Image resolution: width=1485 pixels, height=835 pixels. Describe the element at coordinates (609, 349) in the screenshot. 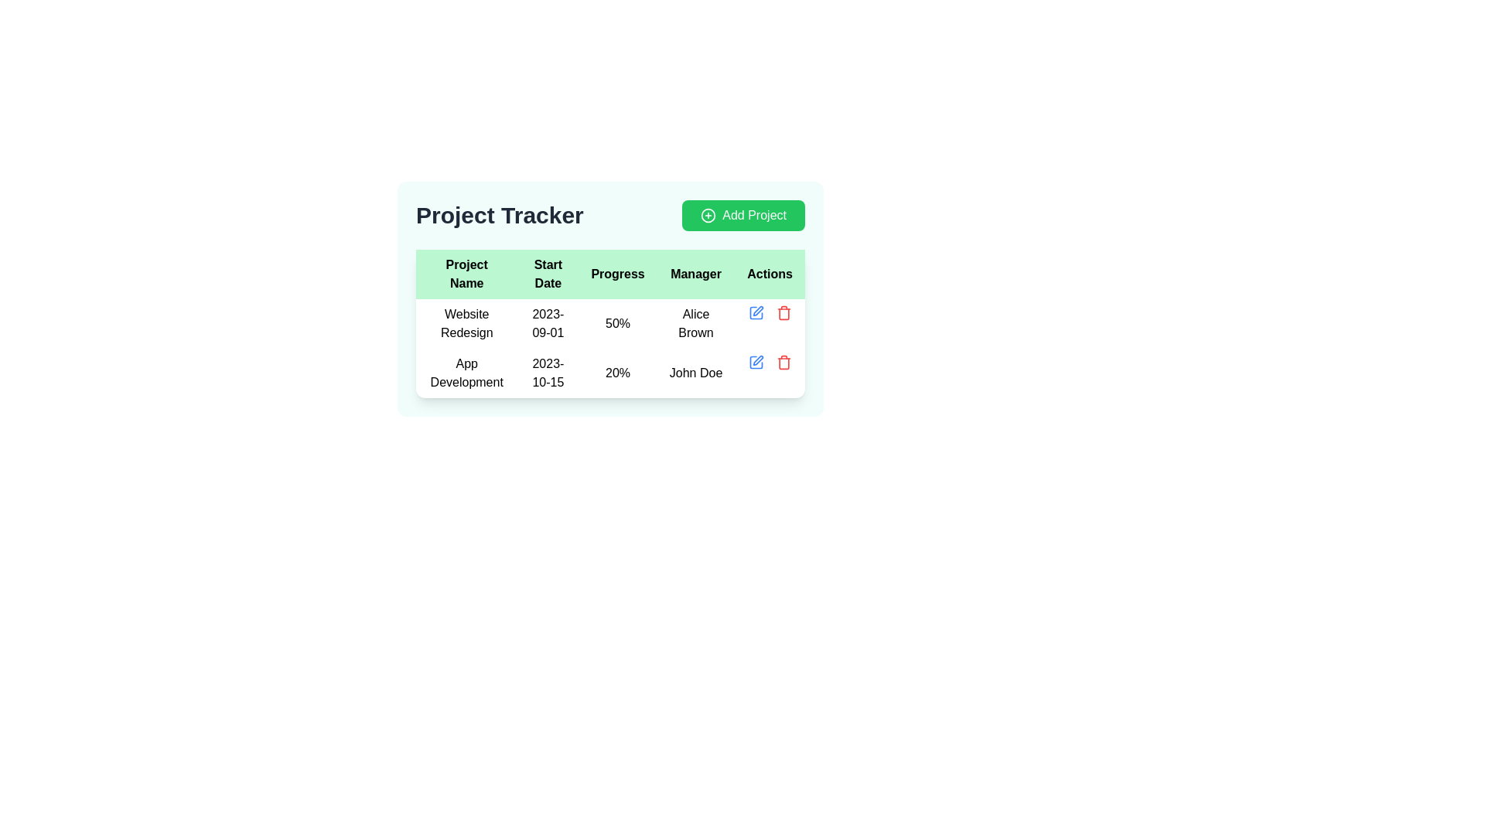

I see `the second row of the Project Tracker table displaying project data for 'App Development'` at that location.